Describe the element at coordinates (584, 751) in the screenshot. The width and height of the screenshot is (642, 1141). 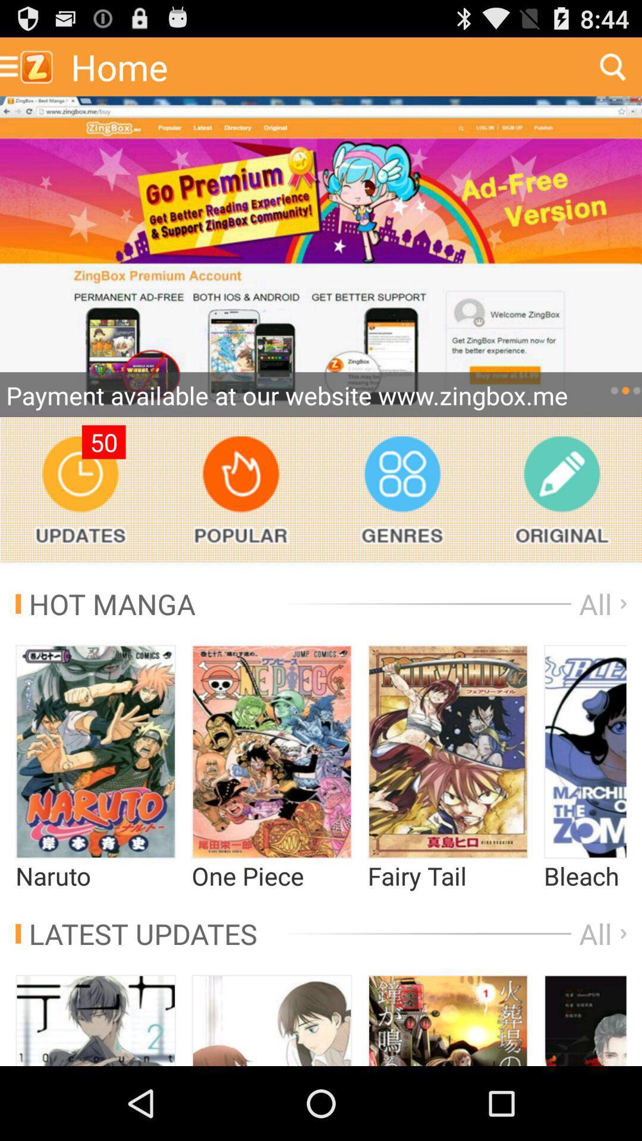
I see `movie image` at that location.